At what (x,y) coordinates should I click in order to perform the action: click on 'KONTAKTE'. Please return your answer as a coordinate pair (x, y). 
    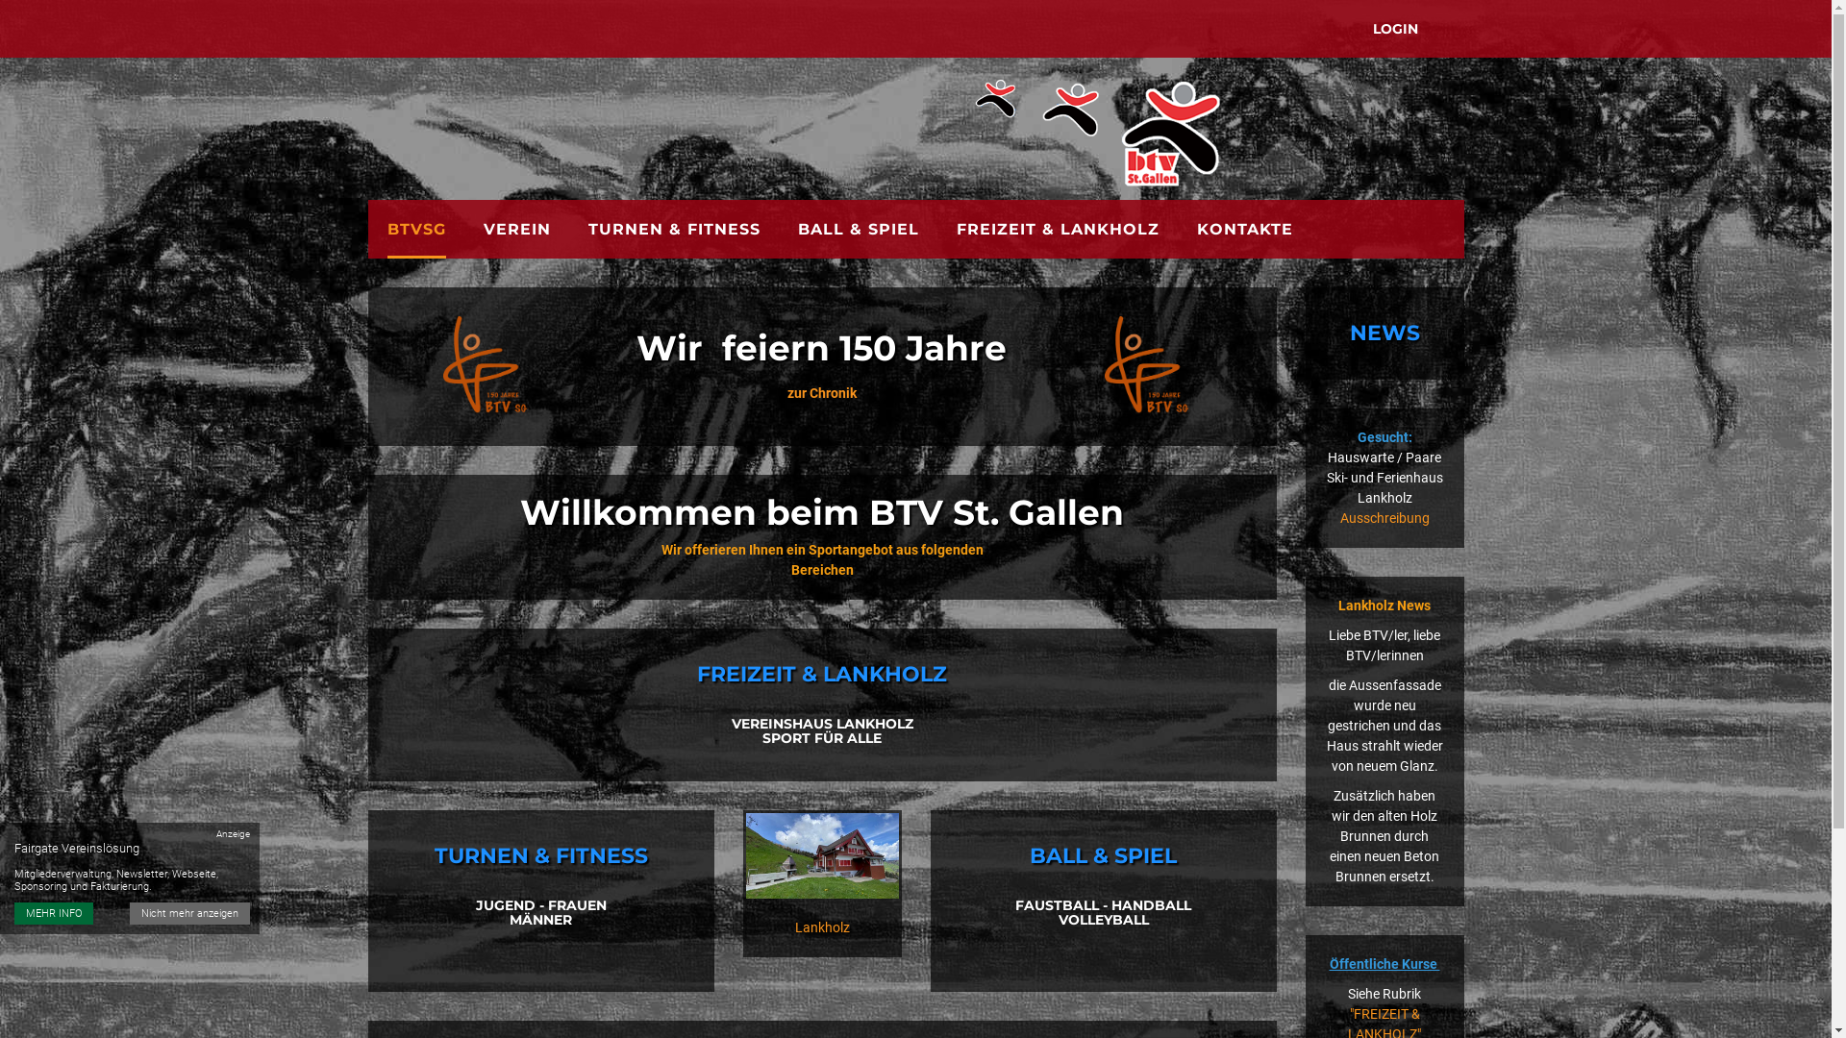
    Looking at the image, I should click on (1194, 228).